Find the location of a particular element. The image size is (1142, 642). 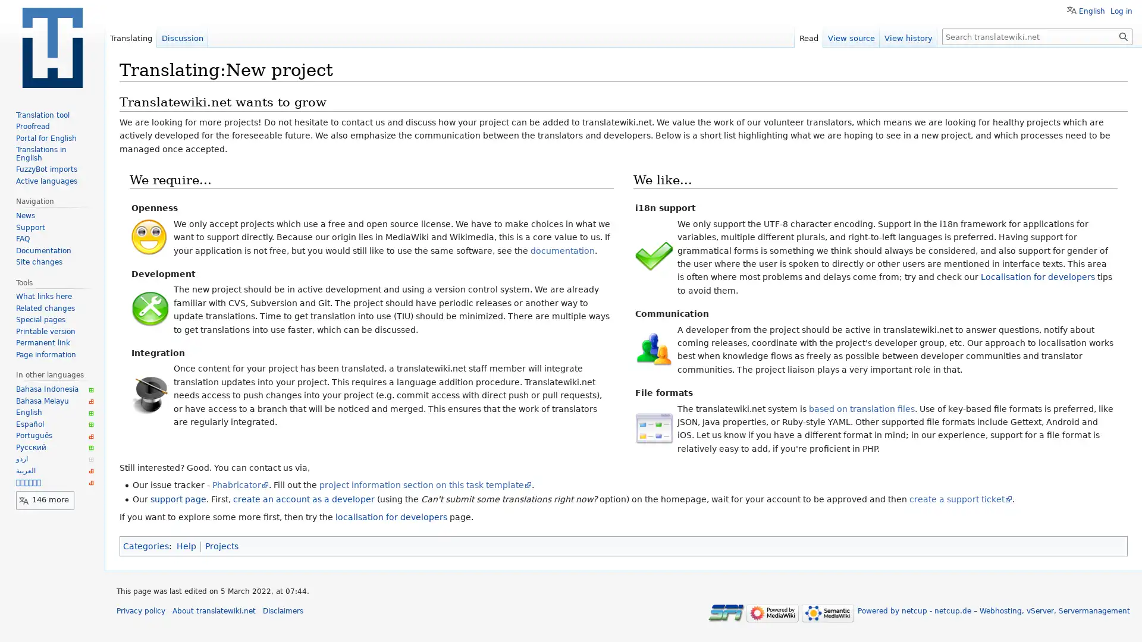

Search is located at coordinates (1123, 36).